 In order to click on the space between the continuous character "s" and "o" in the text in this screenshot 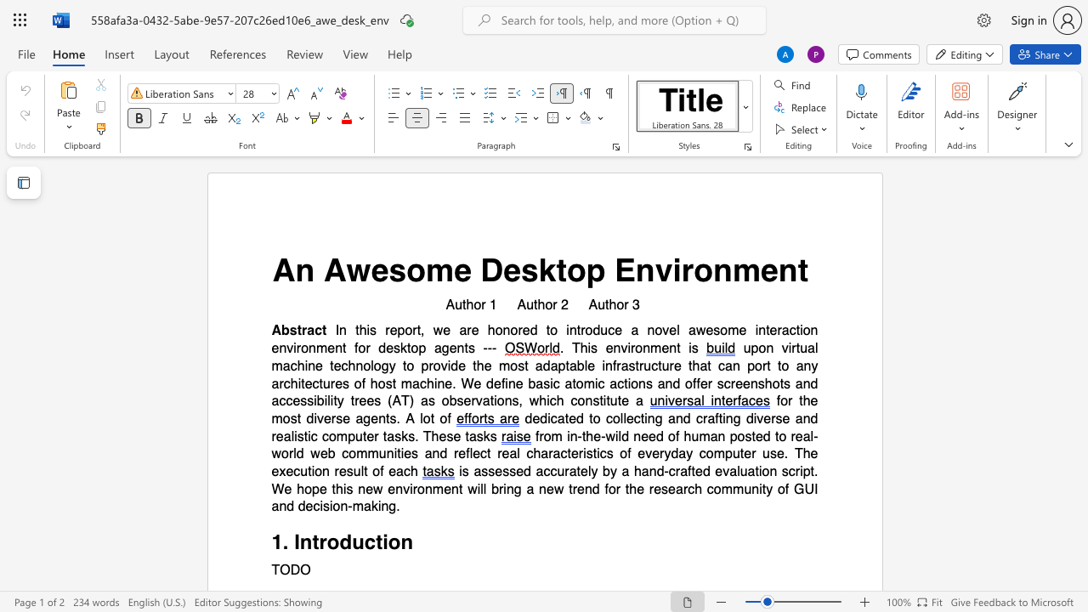, I will do `click(405, 269)`.